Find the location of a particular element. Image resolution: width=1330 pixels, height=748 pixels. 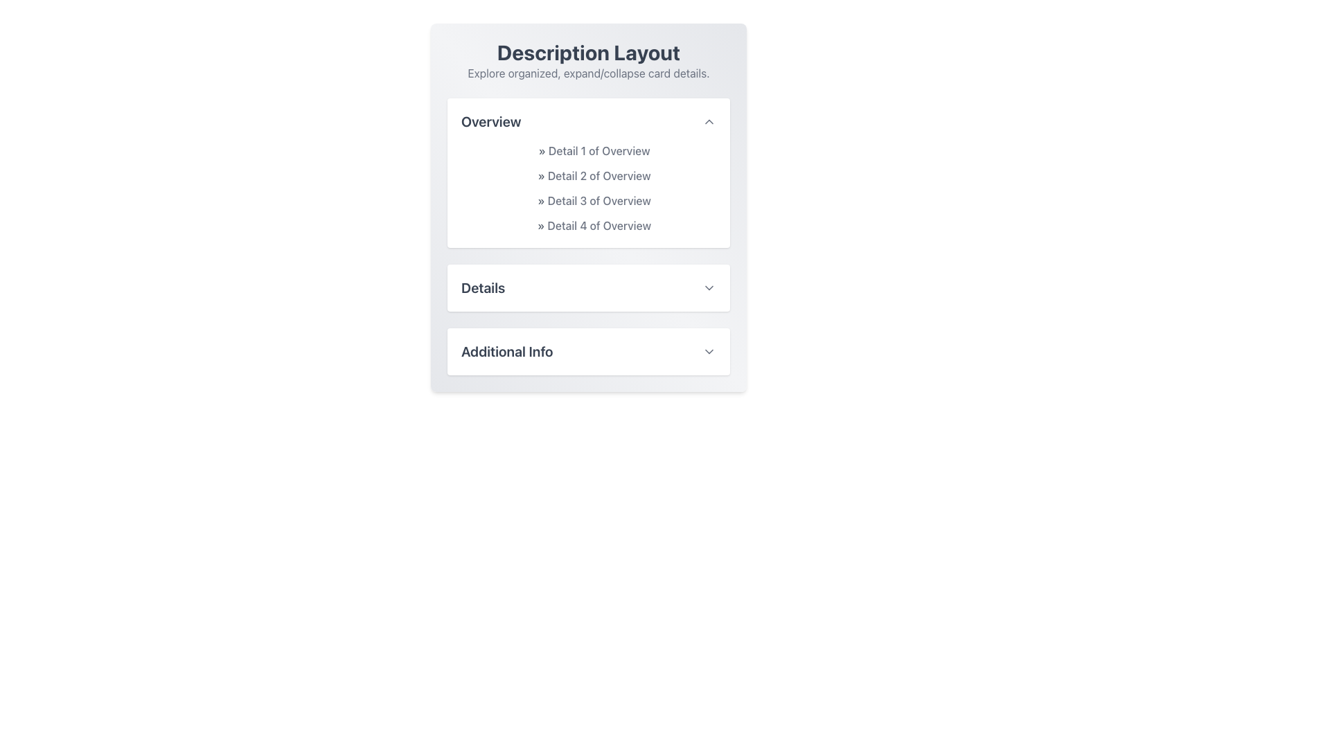

the 'Details' text label, which is a large and bold element indicating emphasis in a card-styled layout, positioned centrally between 'Overview' and 'Additional Info' is located at coordinates (483, 287).